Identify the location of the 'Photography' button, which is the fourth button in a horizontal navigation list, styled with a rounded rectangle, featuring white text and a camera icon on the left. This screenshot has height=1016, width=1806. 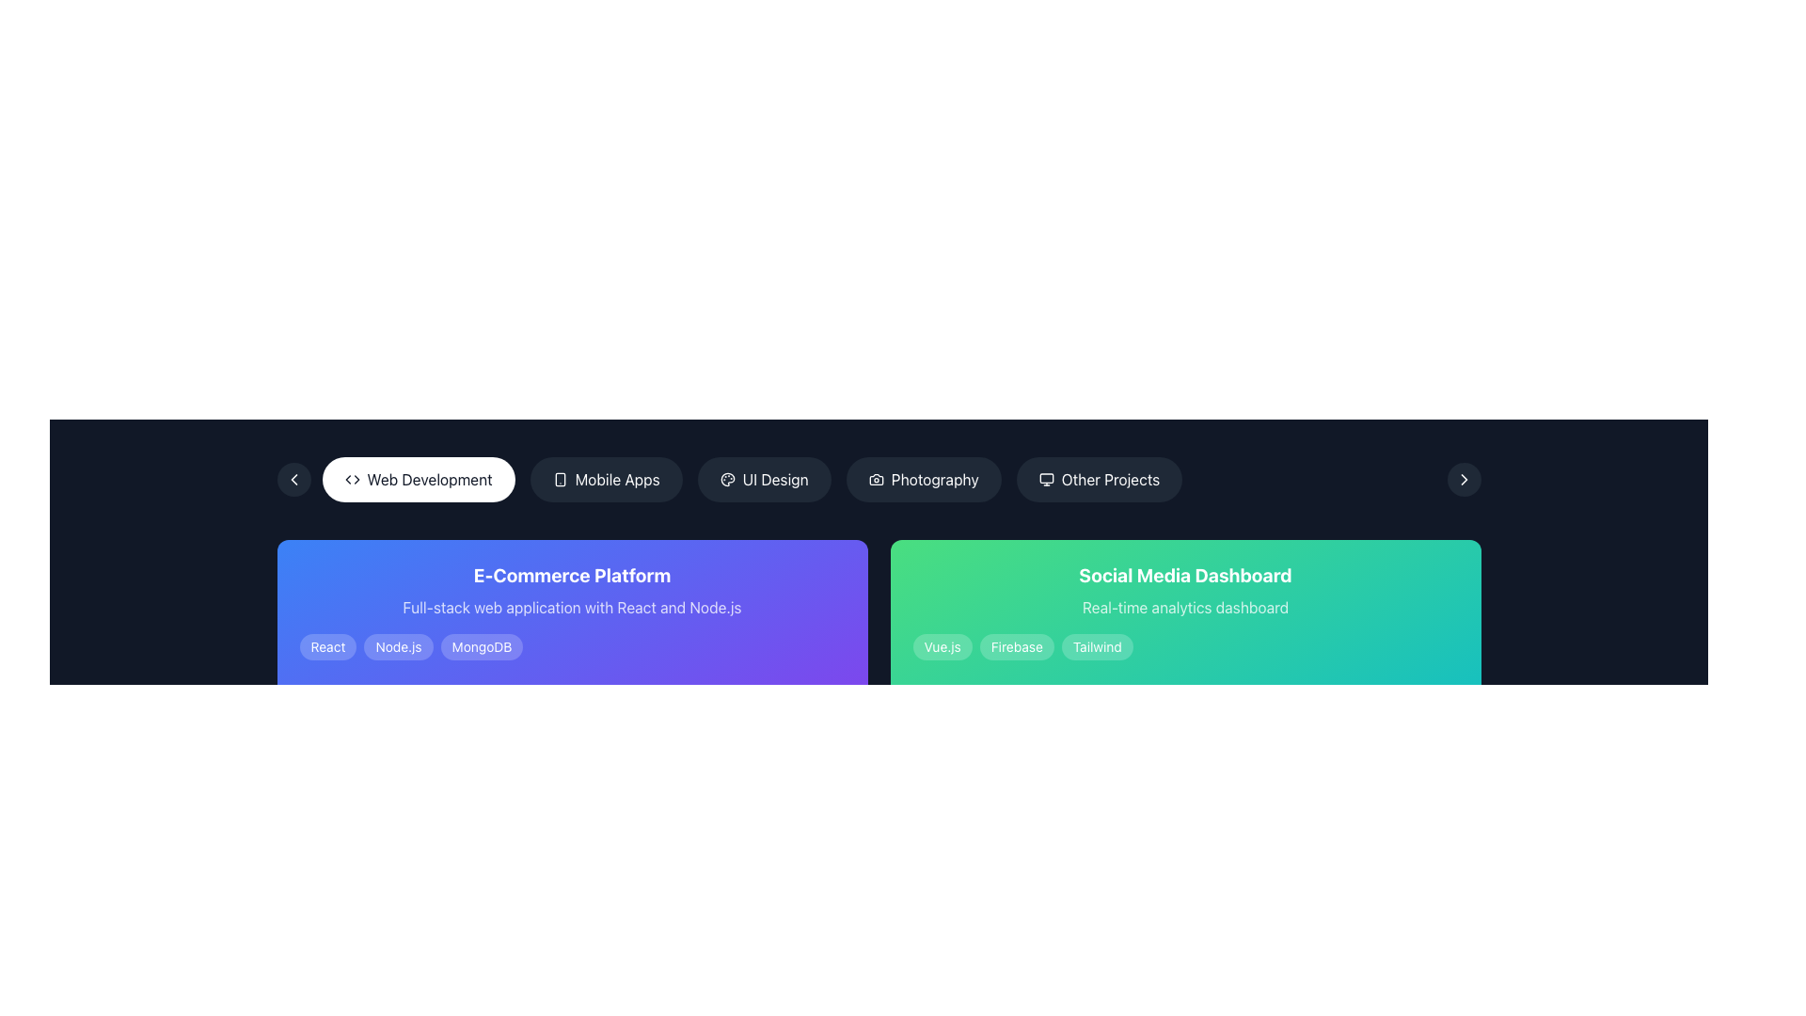
(924, 478).